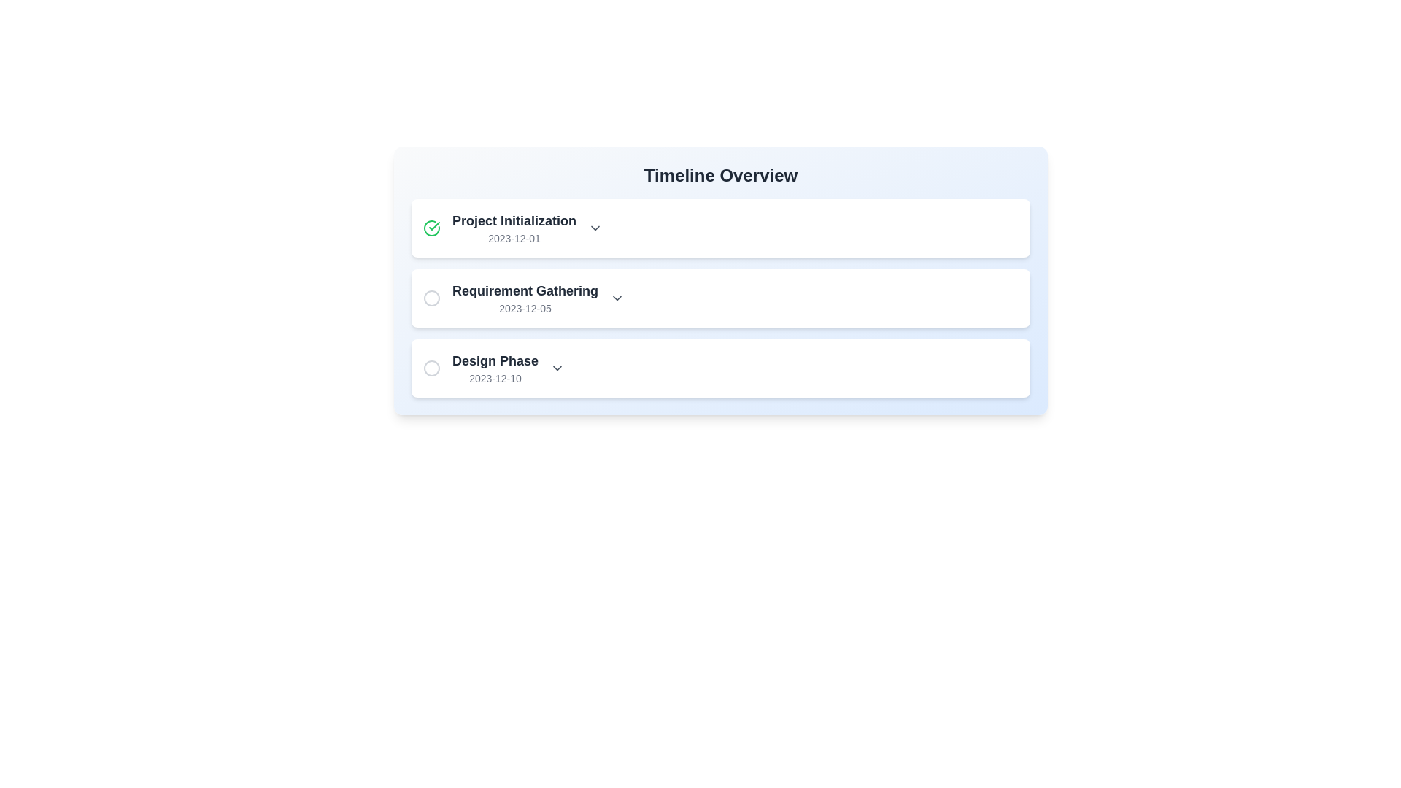  I want to click on the Timeline entry item labeled 'Design Phase', which includes a checkbox, a bold title, and a date below it, so click(721, 368).